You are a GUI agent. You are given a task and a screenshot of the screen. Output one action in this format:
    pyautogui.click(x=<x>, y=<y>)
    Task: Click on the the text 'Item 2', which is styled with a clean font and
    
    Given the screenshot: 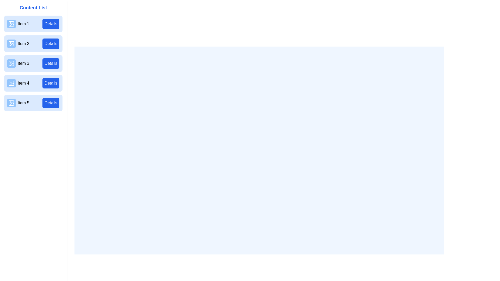 What is the action you would take?
    pyautogui.click(x=18, y=43)
    